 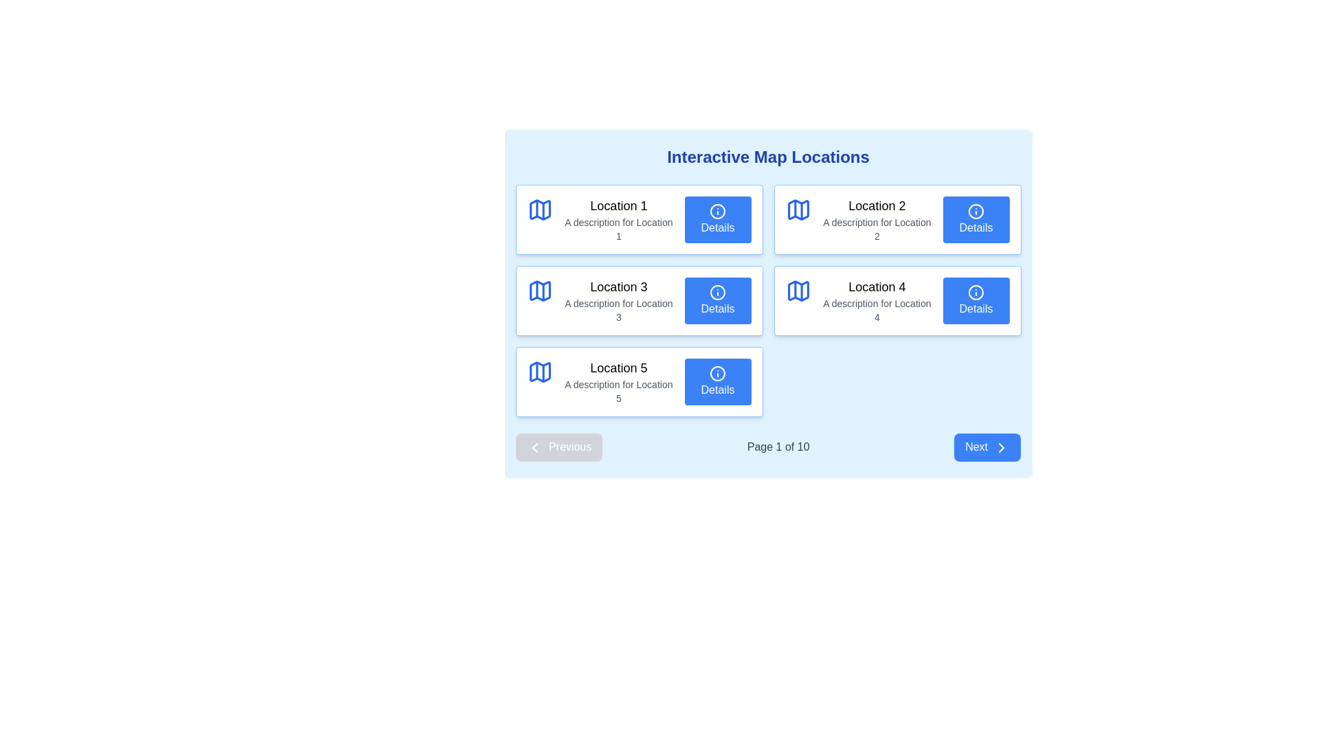 What do you see at coordinates (1002, 447) in the screenshot?
I see `the rightward-pointing chevron arrow icon, which is part of the 'Next' button located at the bottom-right corner of the interface` at bounding box center [1002, 447].